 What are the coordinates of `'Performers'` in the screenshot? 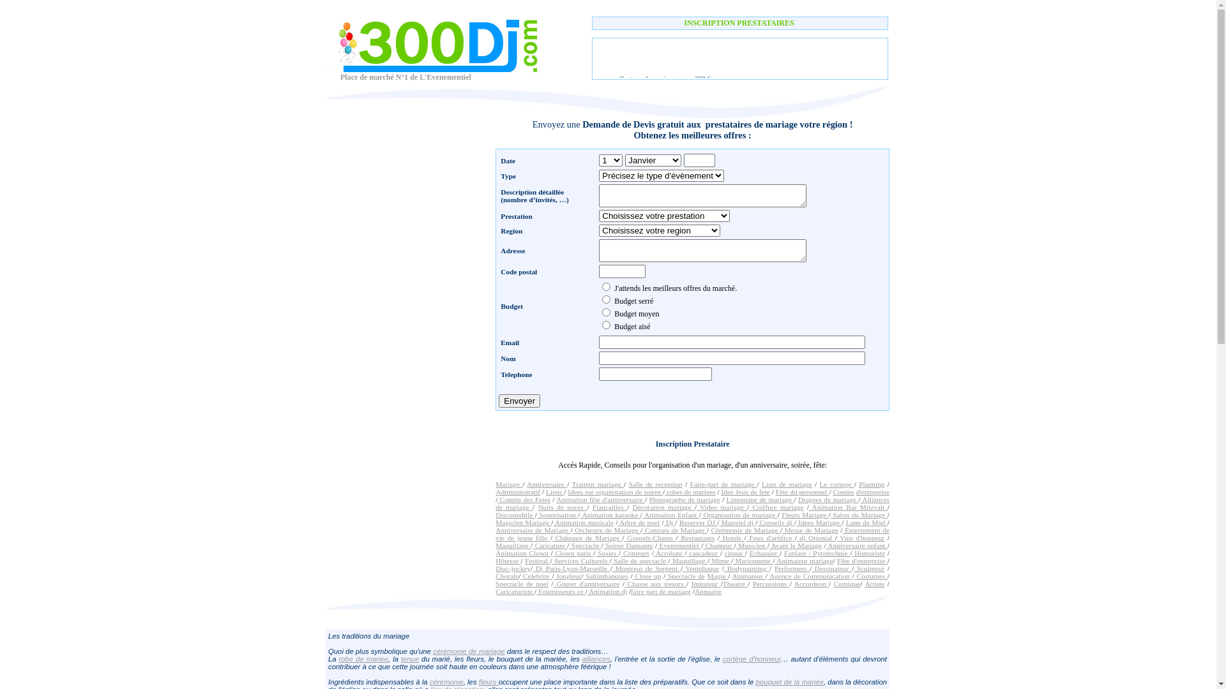 It's located at (791, 568).